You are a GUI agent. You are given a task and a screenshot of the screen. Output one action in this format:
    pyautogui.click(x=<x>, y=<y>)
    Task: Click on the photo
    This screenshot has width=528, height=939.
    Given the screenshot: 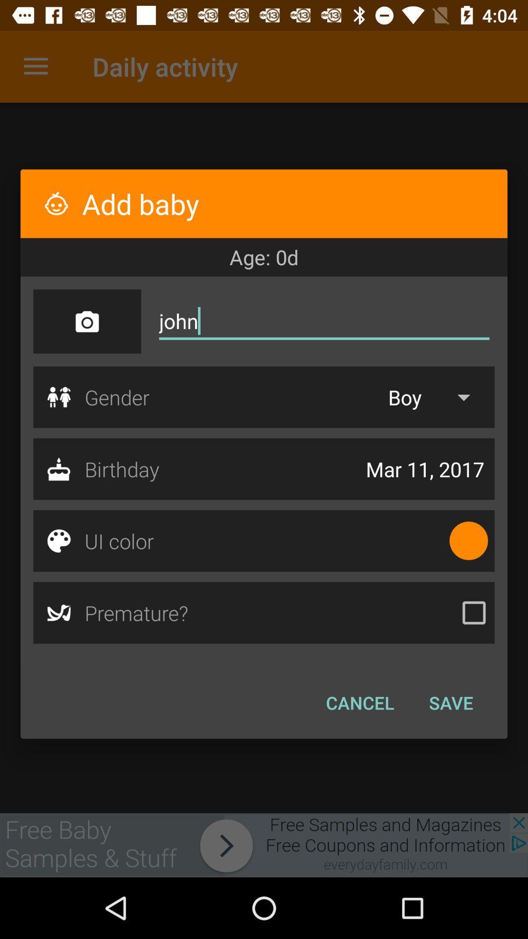 What is the action you would take?
    pyautogui.click(x=87, y=321)
    